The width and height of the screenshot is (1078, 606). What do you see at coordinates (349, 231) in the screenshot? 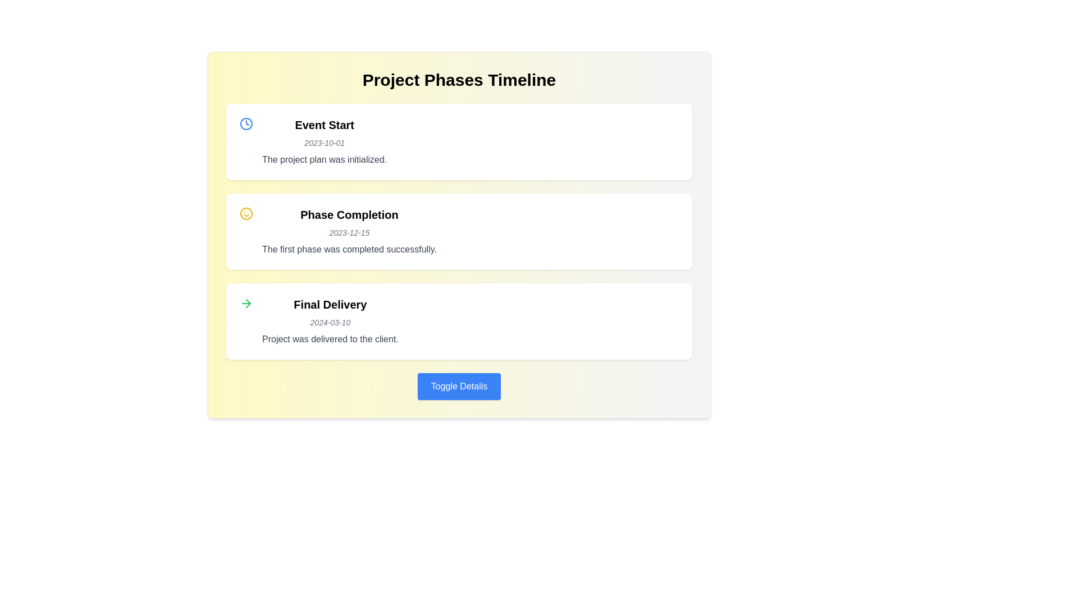
I see `description text in the Textual Content Block titled 'Phase Completion' which states 'The first phase was completed successfully.'` at bounding box center [349, 231].